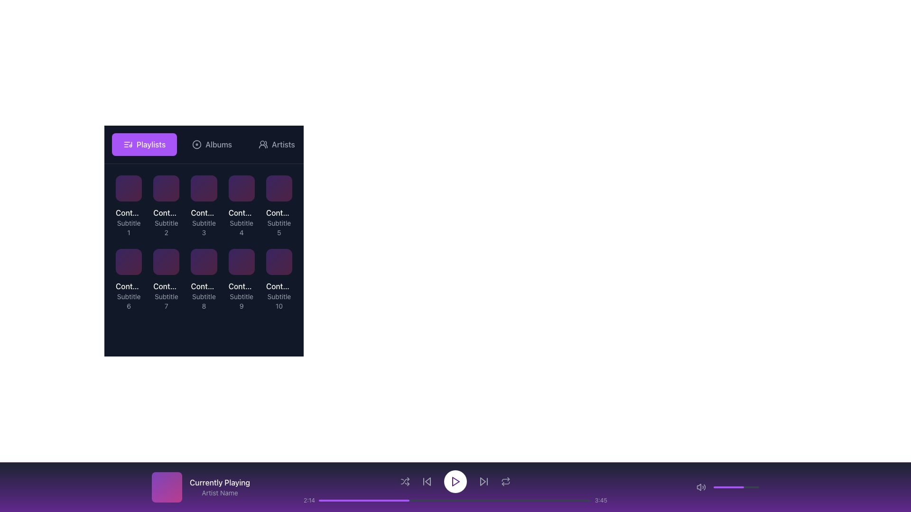  What do you see at coordinates (309, 500) in the screenshot?
I see `the text label displaying '2:14' in light gray on a dark purple background, located at the far left edge of the UI section` at bounding box center [309, 500].